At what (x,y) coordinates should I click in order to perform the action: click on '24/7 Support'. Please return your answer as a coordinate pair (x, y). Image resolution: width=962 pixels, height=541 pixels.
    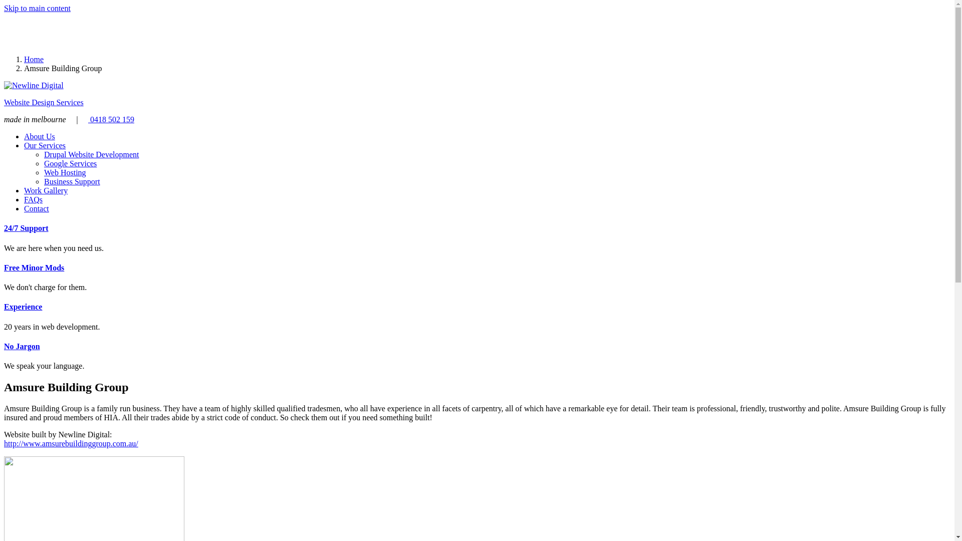
    Looking at the image, I should click on (26, 228).